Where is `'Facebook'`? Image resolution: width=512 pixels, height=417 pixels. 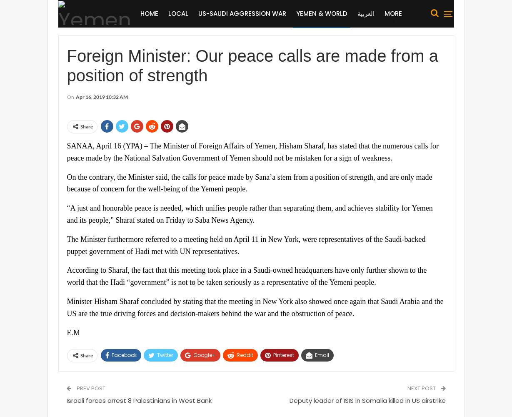 'Facebook' is located at coordinates (123, 354).